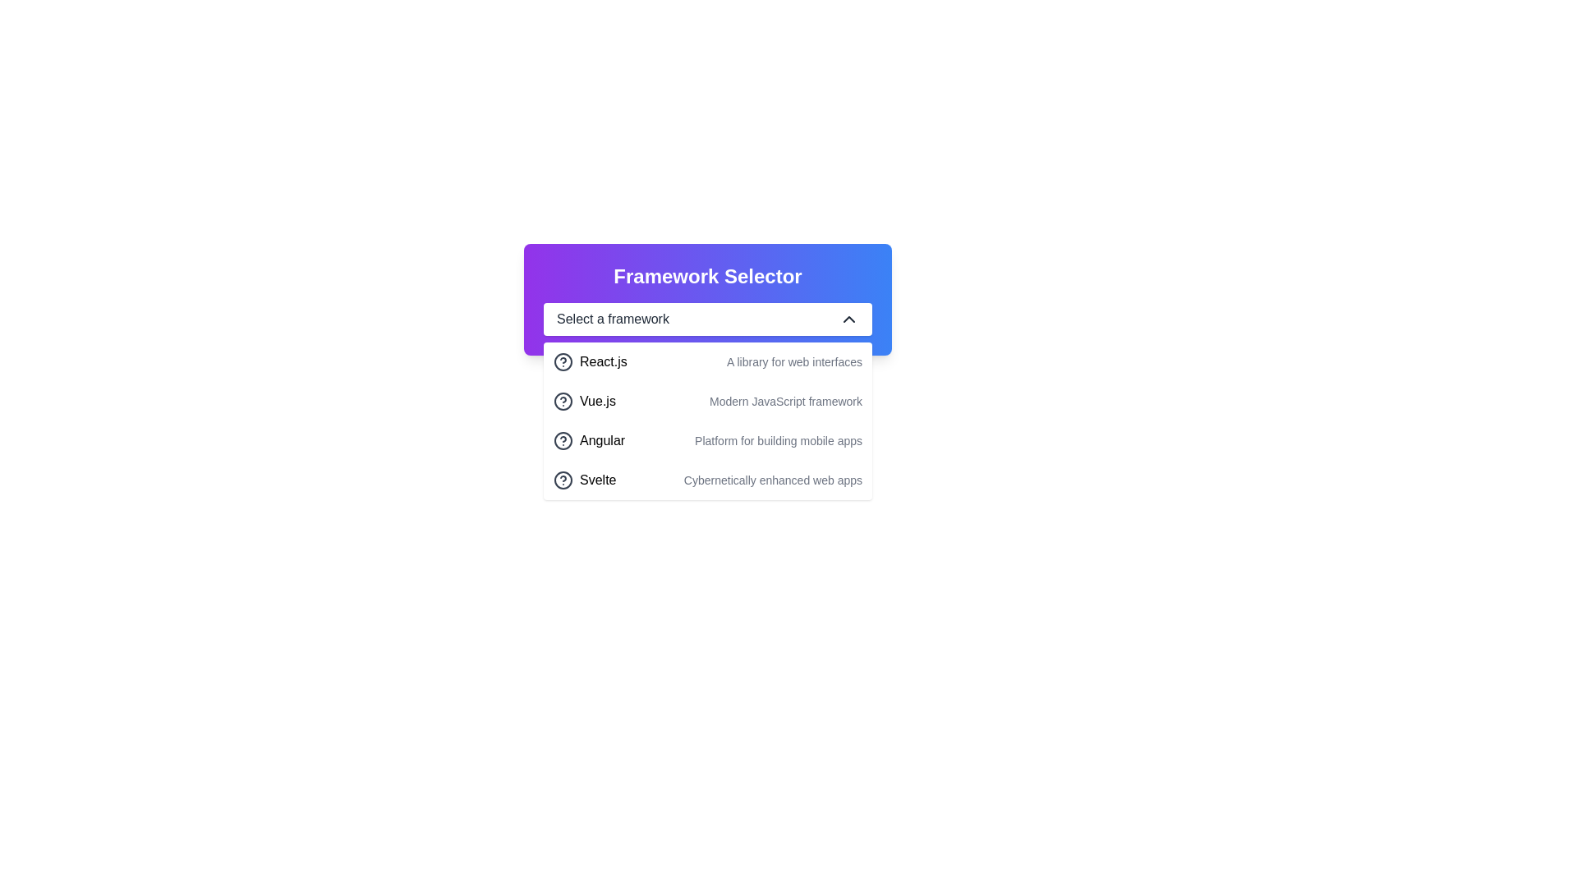 The image size is (1577, 887). I want to click on the List item in the dropdown menu labeled 'Angular', so click(708, 439).